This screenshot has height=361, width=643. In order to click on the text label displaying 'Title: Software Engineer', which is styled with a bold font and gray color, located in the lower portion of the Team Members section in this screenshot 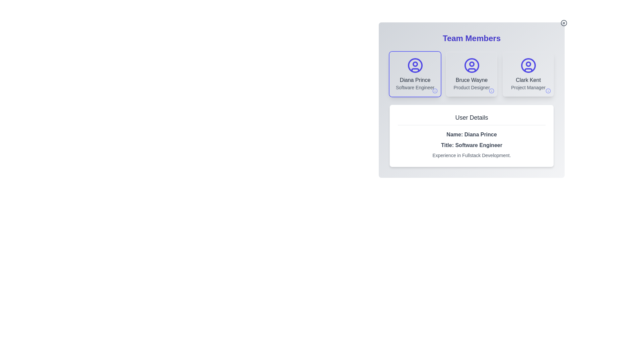, I will do `click(471, 145)`.